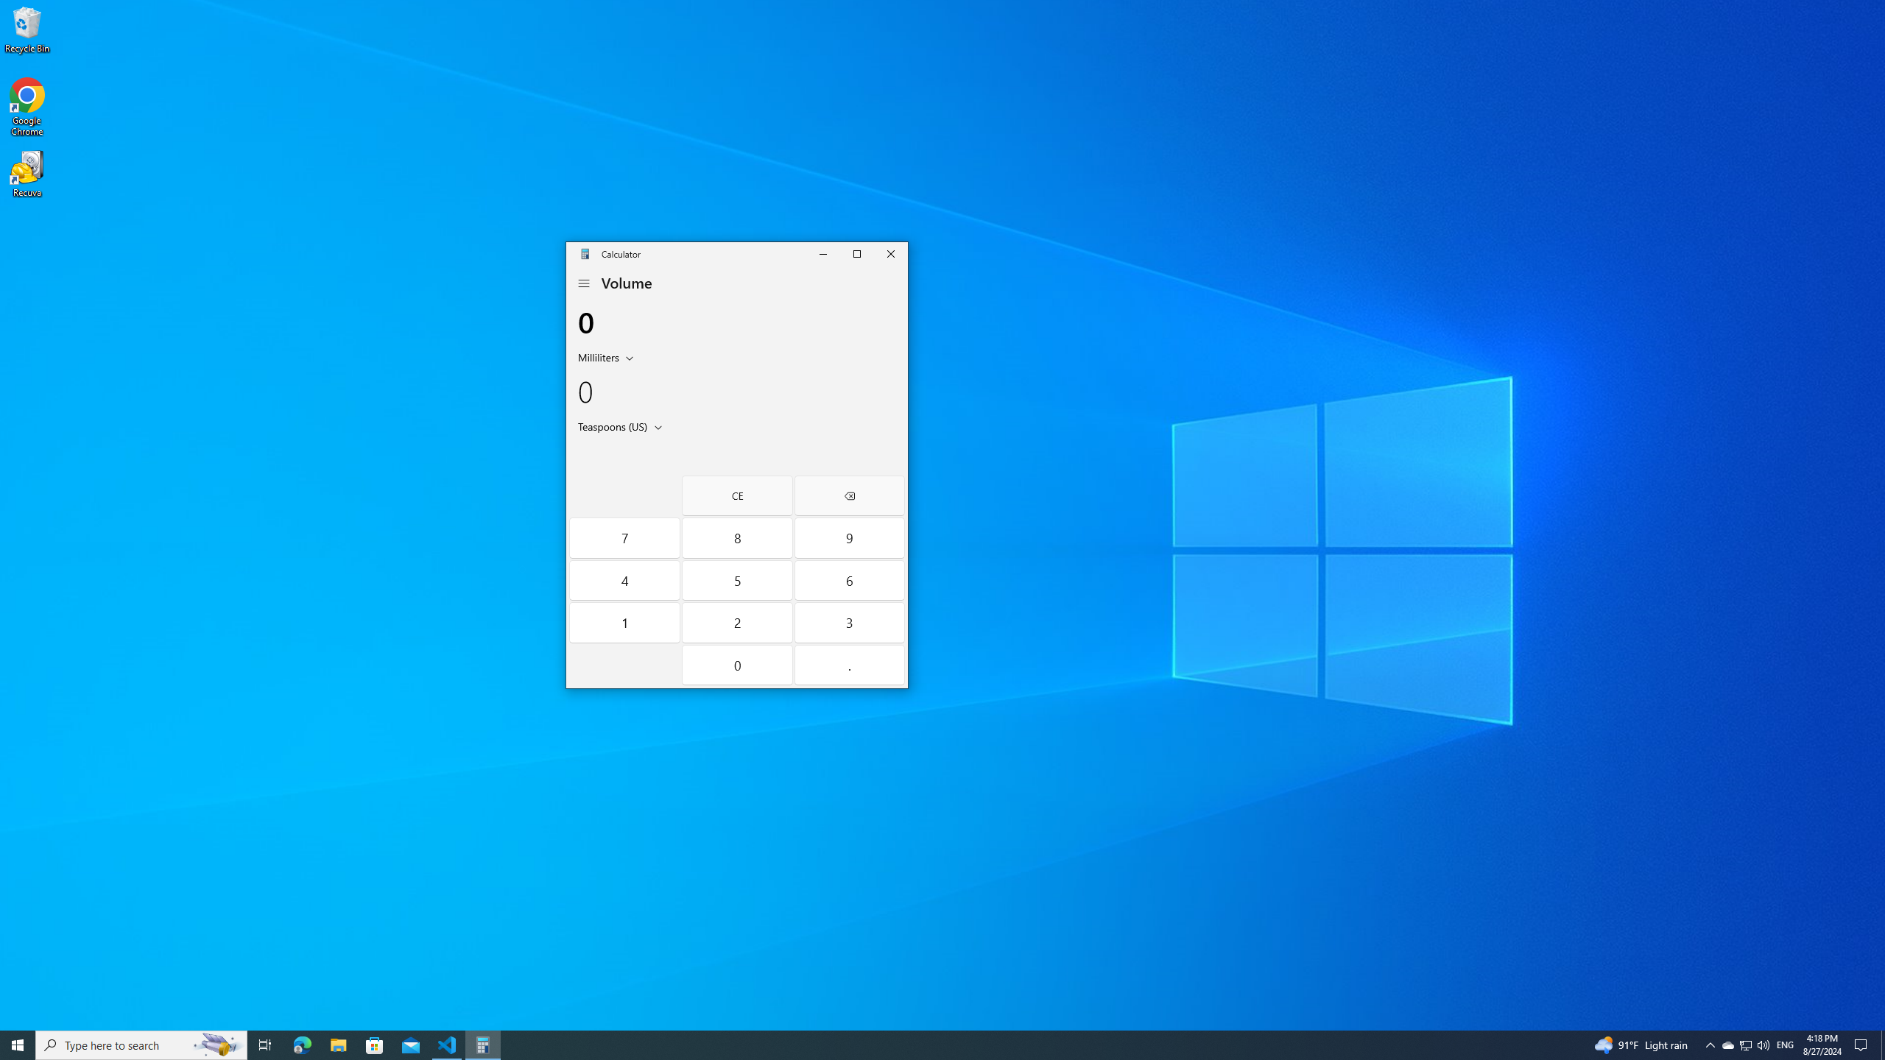 Image resolution: width=1885 pixels, height=1060 pixels. What do you see at coordinates (483, 1044) in the screenshot?
I see `'Calculator - 1 running window'` at bounding box center [483, 1044].